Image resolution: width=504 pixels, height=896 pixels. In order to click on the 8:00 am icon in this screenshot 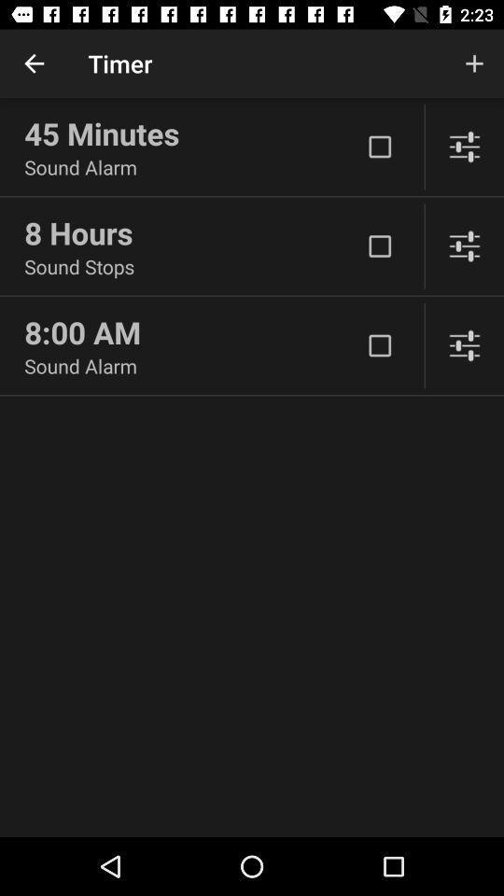, I will do `click(191, 332)`.